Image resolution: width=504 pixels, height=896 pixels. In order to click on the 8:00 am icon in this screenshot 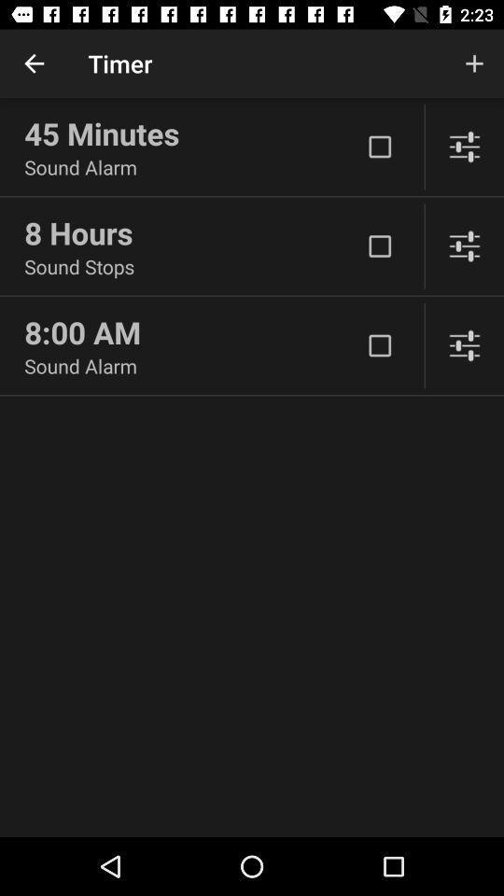, I will do `click(191, 332)`.